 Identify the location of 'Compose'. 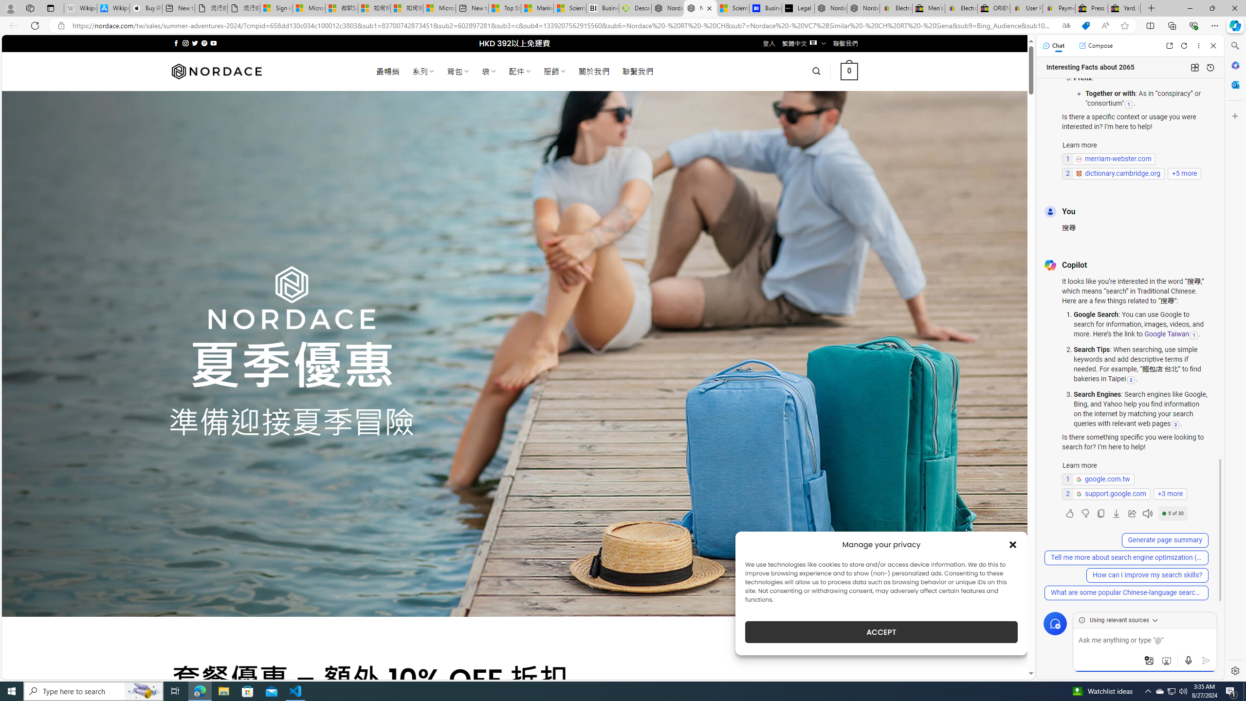
(1095, 45).